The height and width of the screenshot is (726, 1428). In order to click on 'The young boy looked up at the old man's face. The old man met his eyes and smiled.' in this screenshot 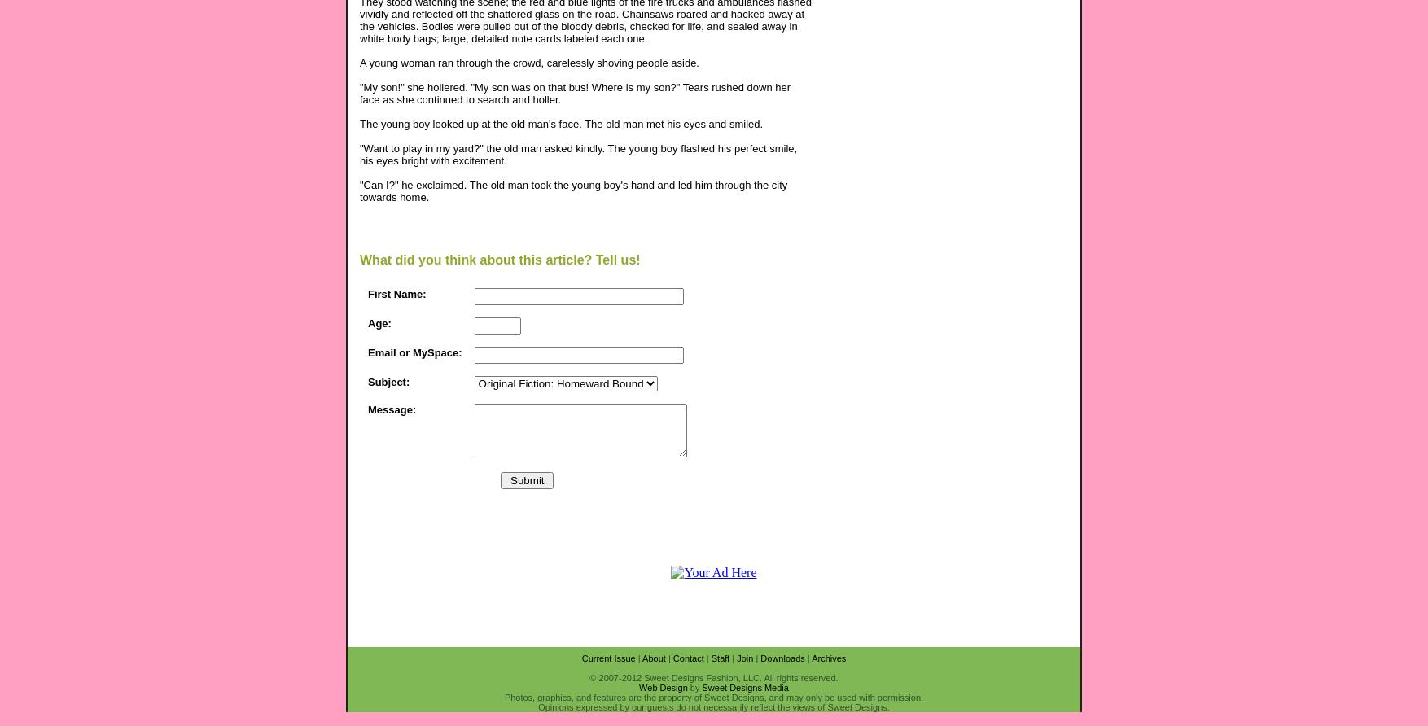, I will do `click(560, 122)`.